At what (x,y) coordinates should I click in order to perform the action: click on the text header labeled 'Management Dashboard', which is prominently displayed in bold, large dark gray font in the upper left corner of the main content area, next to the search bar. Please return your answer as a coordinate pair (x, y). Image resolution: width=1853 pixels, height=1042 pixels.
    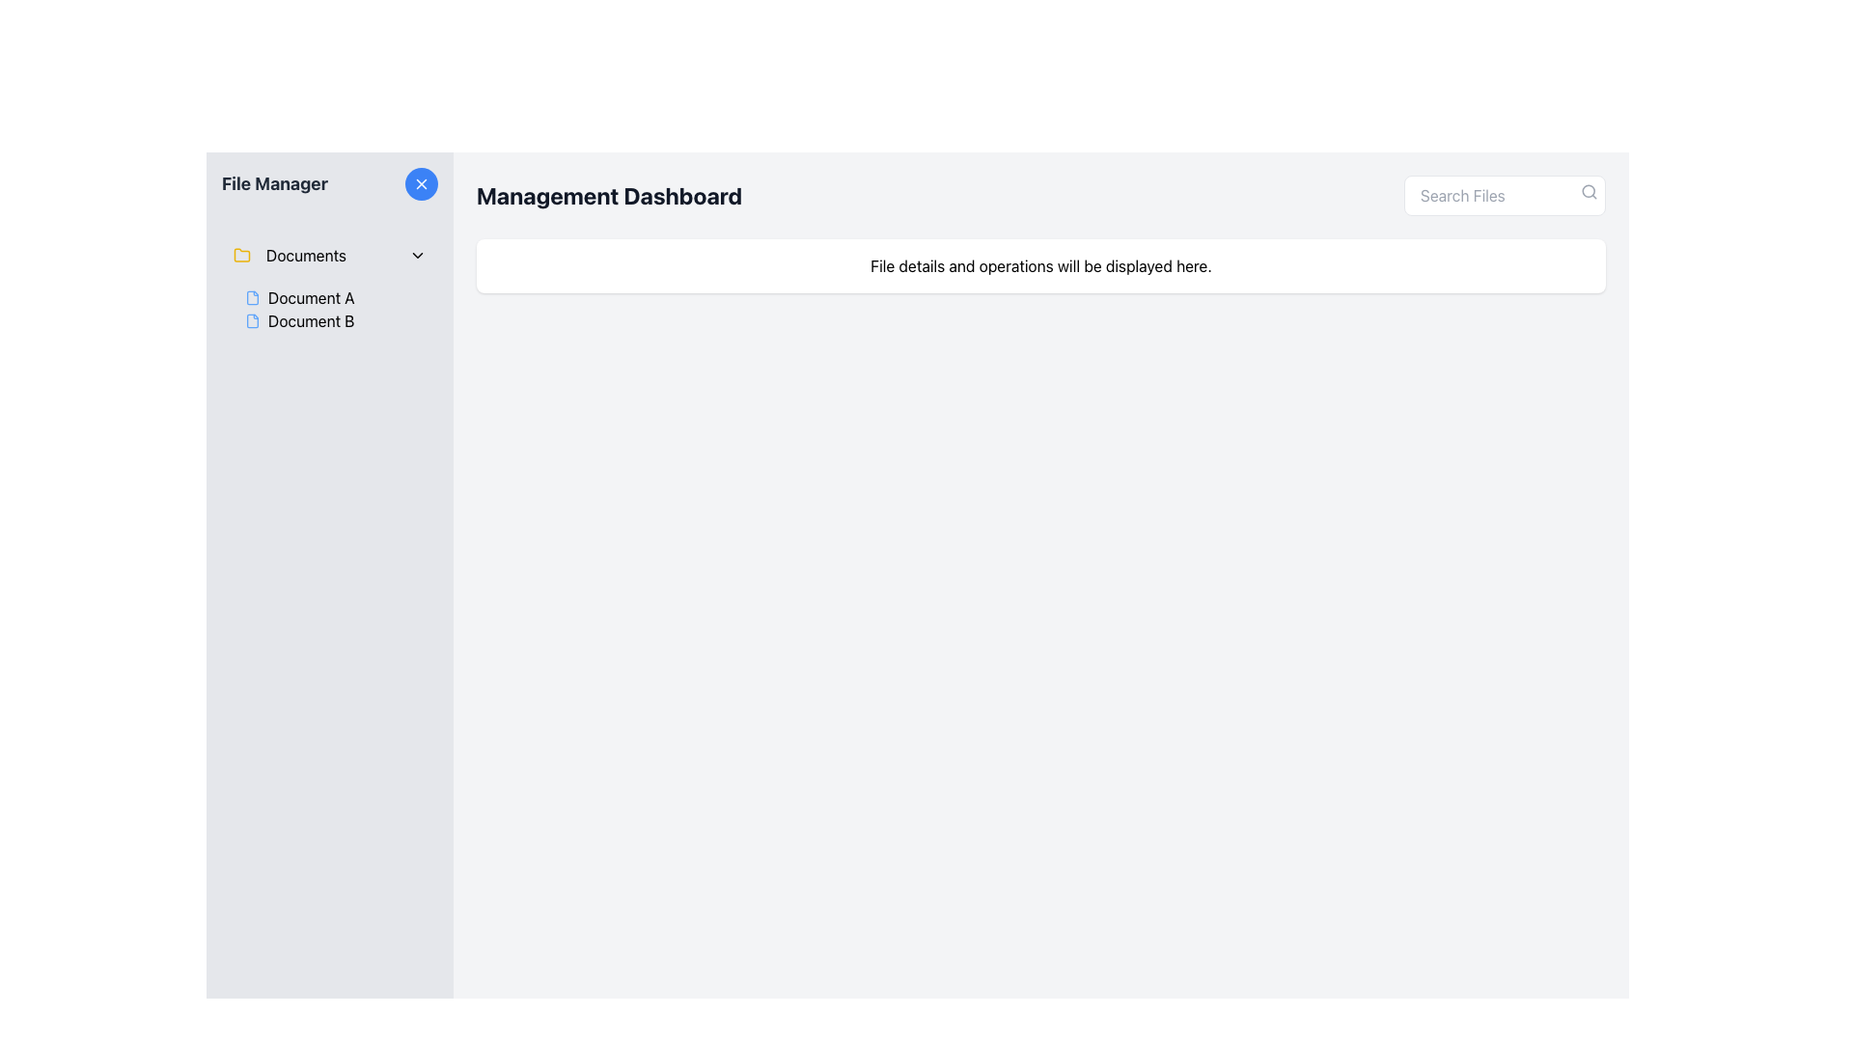
    Looking at the image, I should click on (608, 196).